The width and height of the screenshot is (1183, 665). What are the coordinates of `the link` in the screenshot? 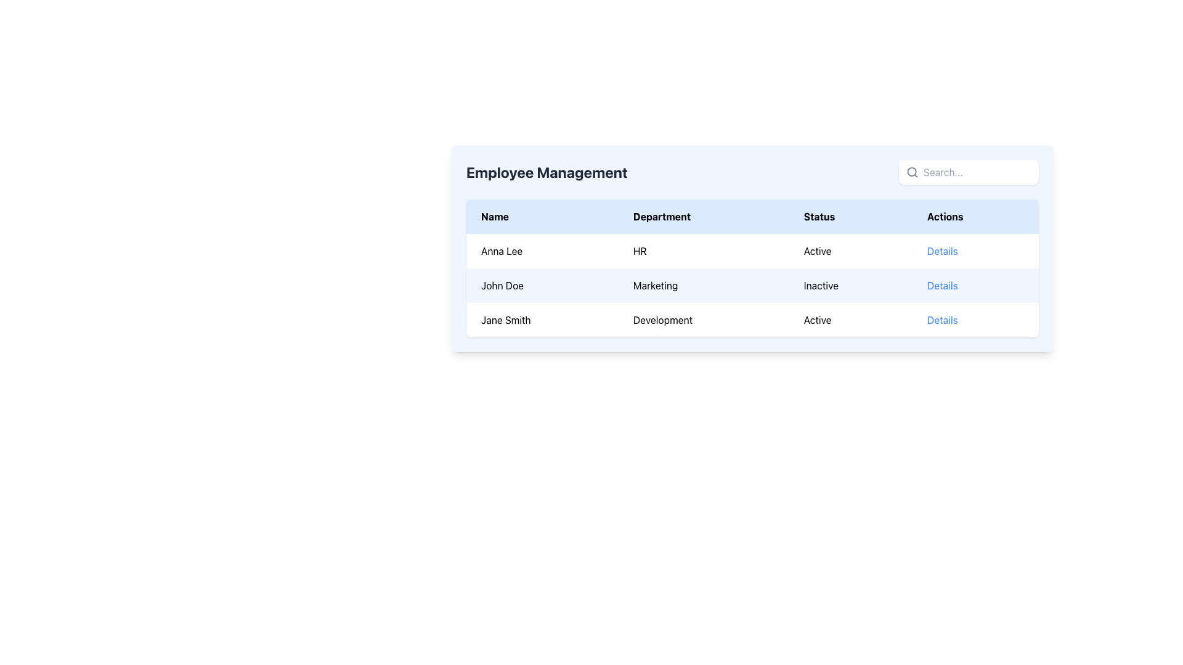 It's located at (941, 251).